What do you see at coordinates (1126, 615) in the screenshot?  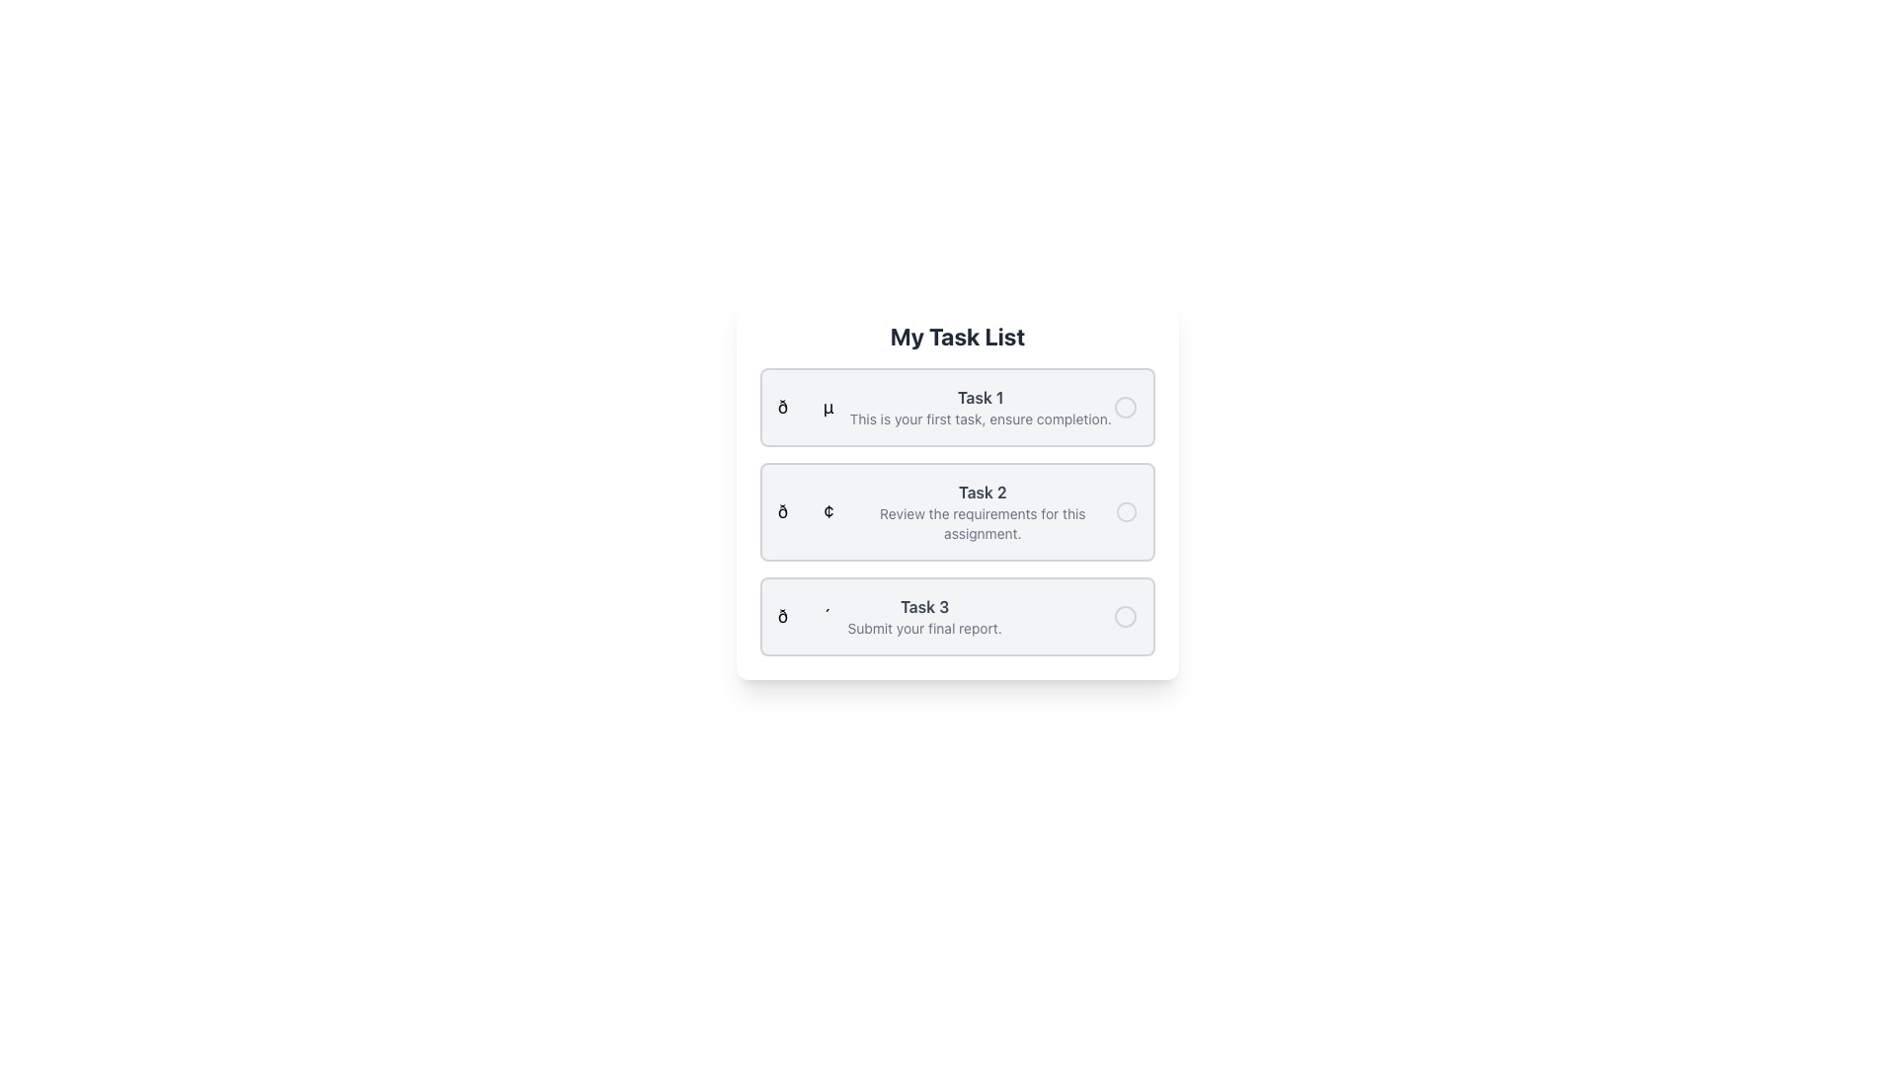 I see `the SVG icon element` at bounding box center [1126, 615].